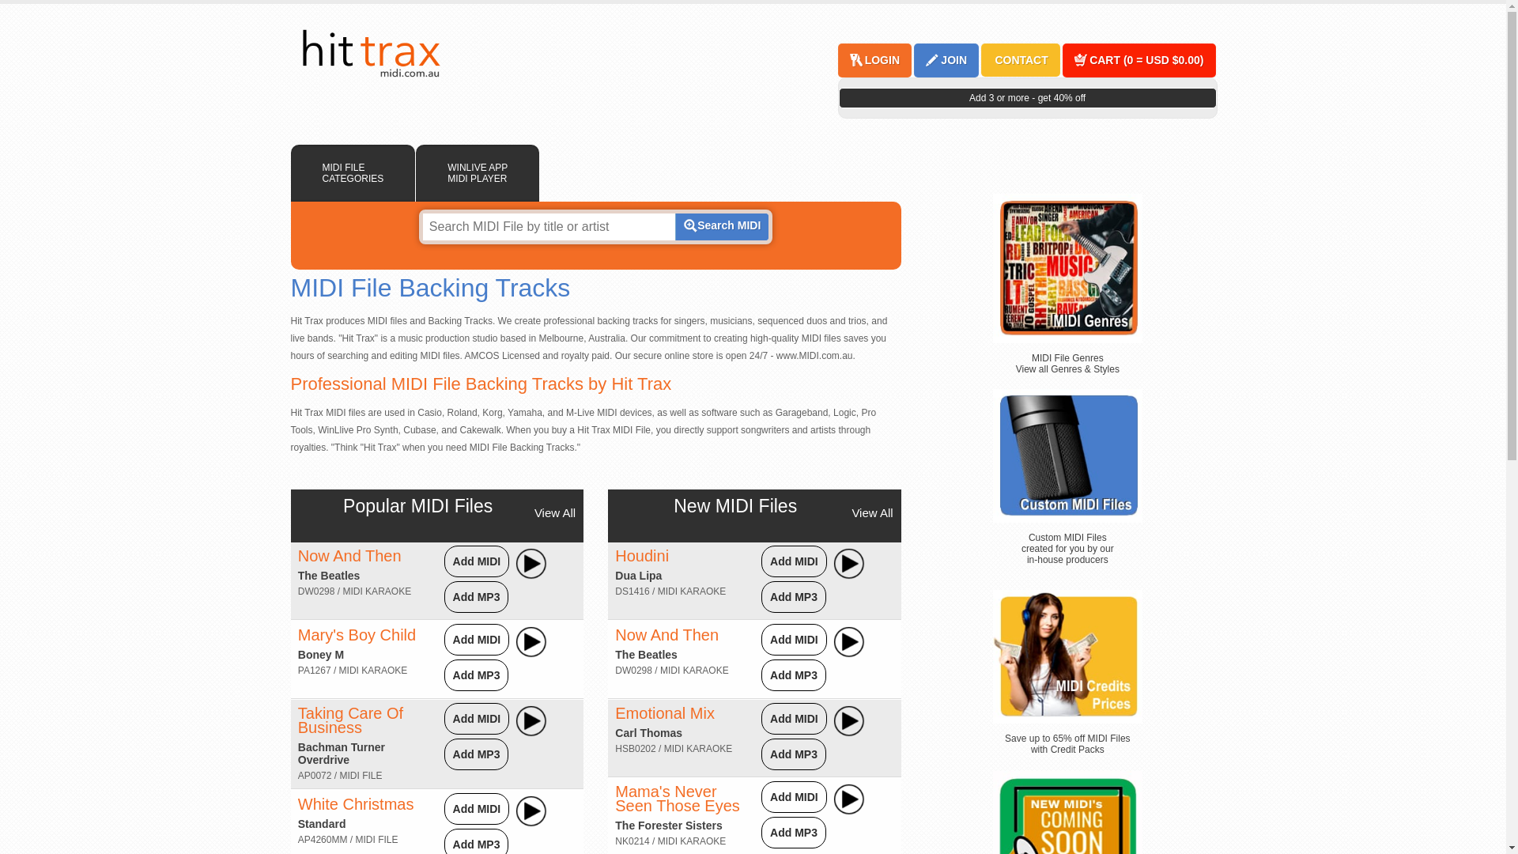 Image resolution: width=1518 pixels, height=854 pixels. Describe the element at coordinates (992, 656) in the screenshot. I see `'Add MIDI Credits'` at that location.